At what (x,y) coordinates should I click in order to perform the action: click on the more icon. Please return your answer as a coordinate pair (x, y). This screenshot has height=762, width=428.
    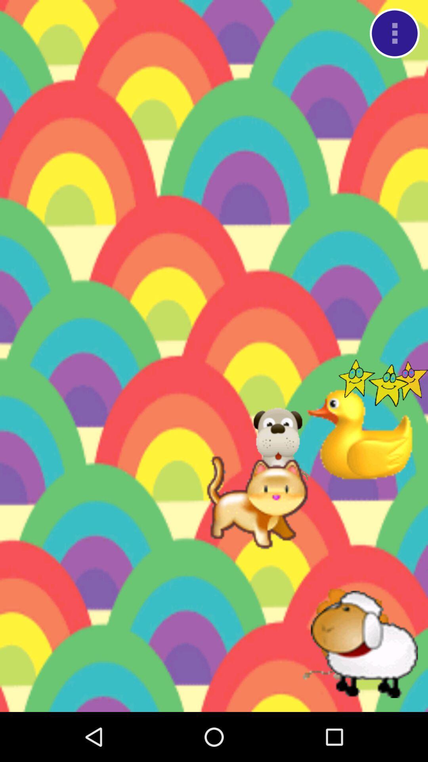
    Looking at the image, I should click on (394, 35).